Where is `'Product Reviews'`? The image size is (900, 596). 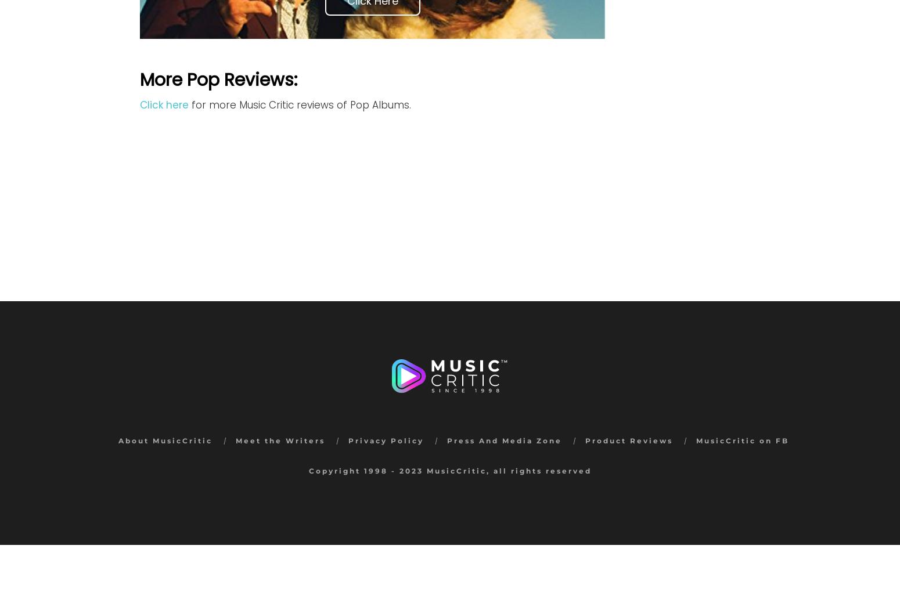 'Product Reviews' is located at coordinates (584, 439).